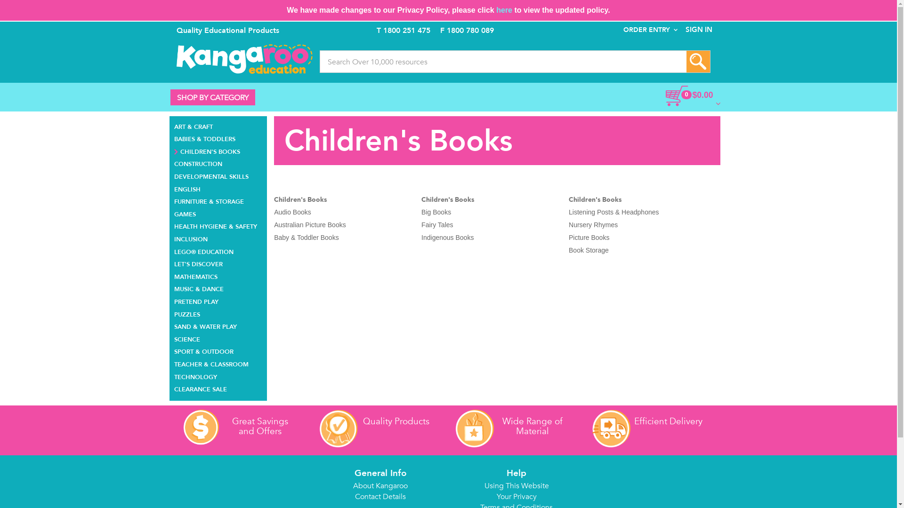 This screenshot has height=508, width=904. I want to click on 'MUSIC & DANCE', so click(198, 287).